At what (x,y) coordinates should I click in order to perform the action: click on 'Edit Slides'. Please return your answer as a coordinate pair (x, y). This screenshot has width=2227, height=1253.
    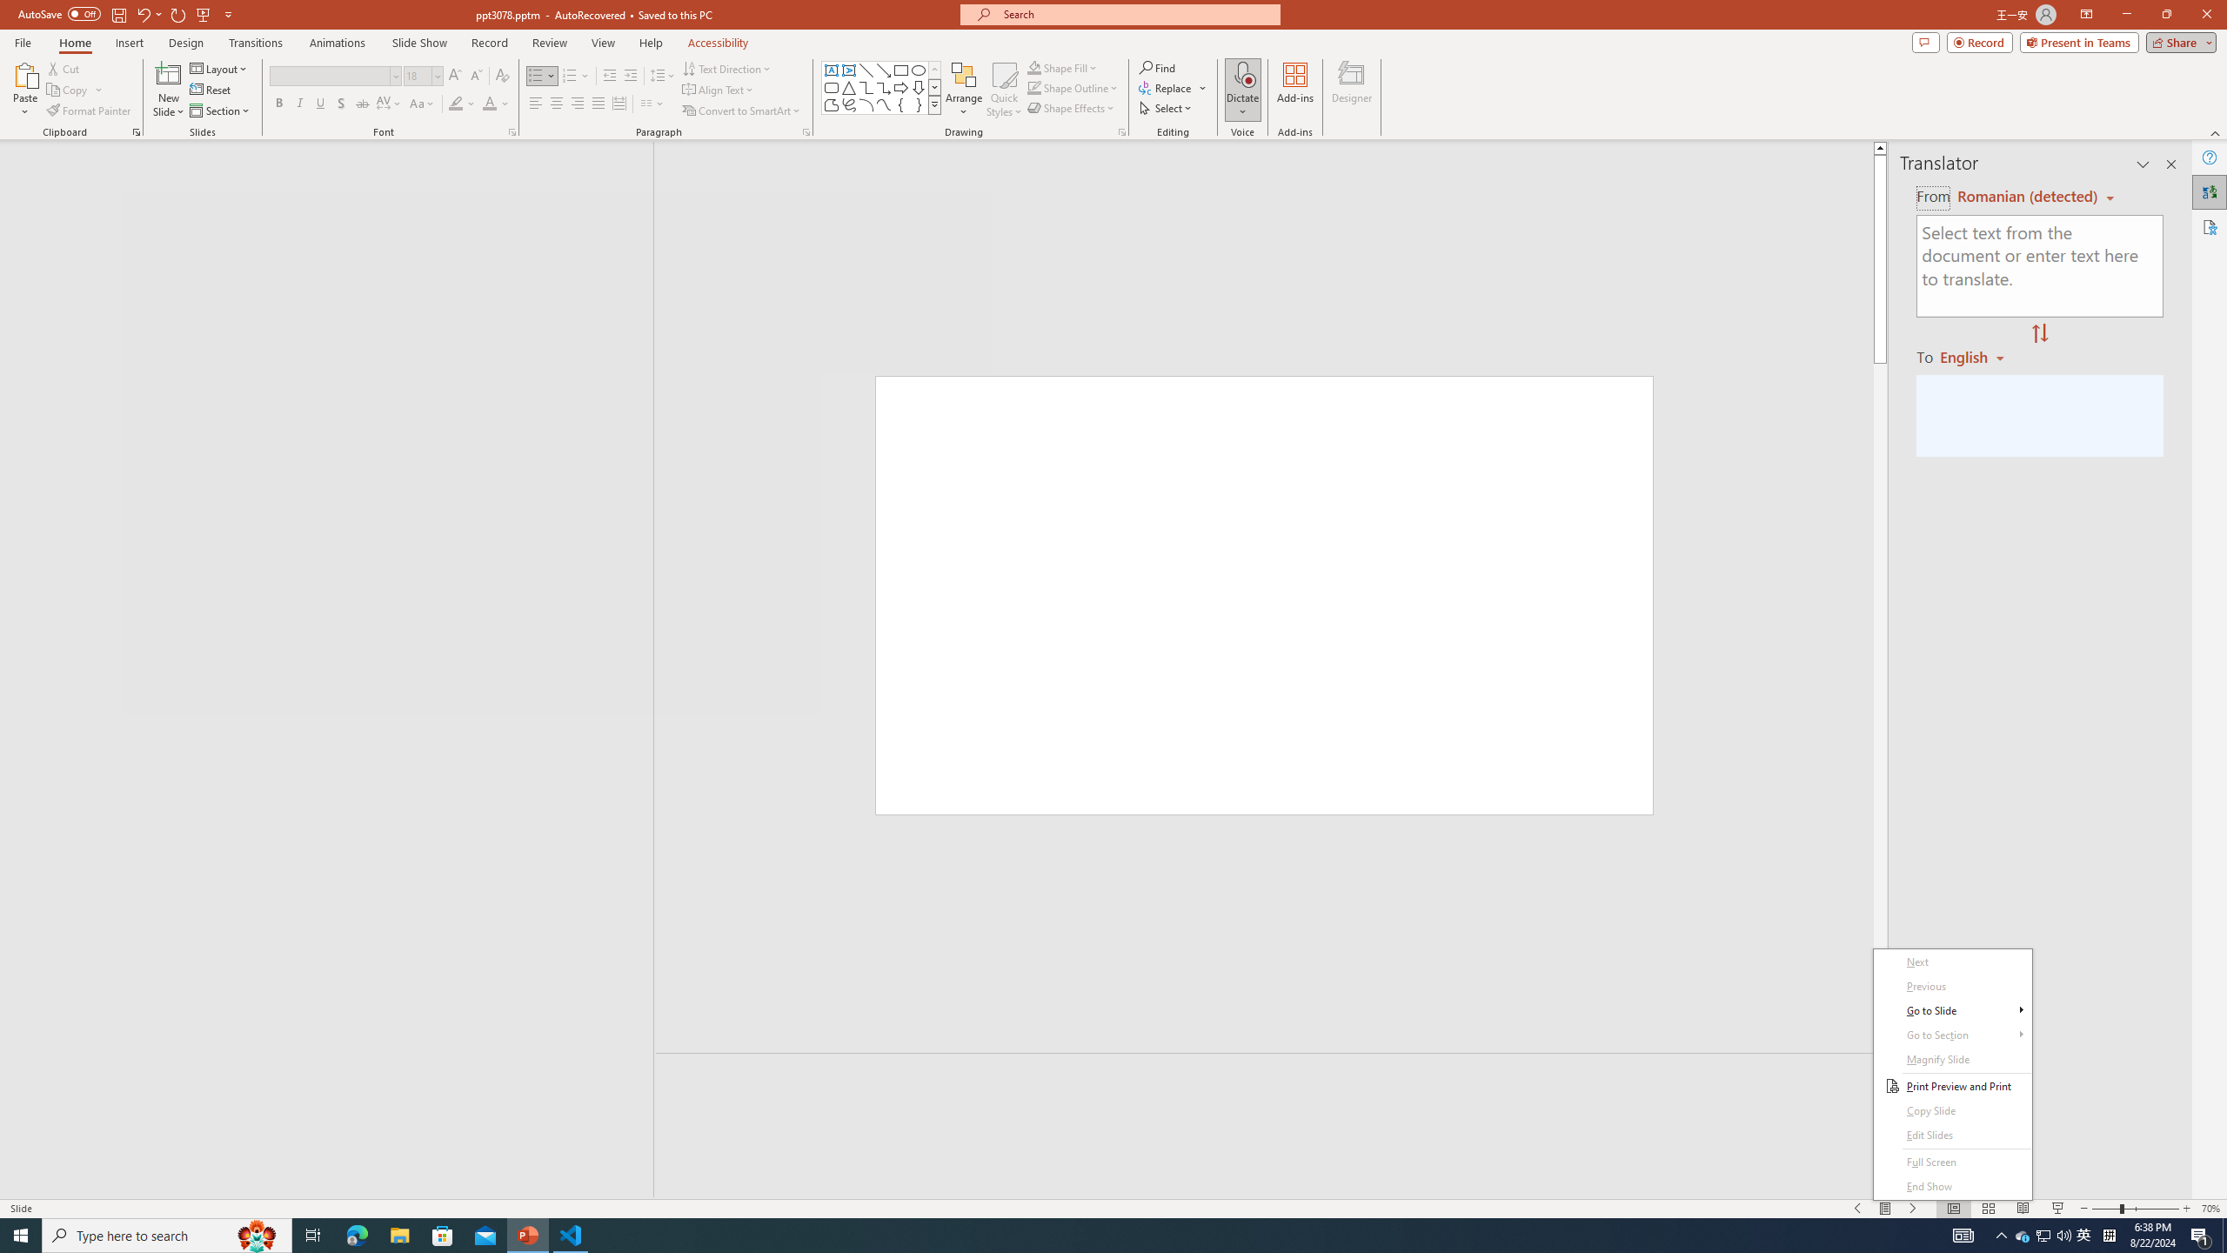
    Looking at the image, I should click on (1953, 1136).